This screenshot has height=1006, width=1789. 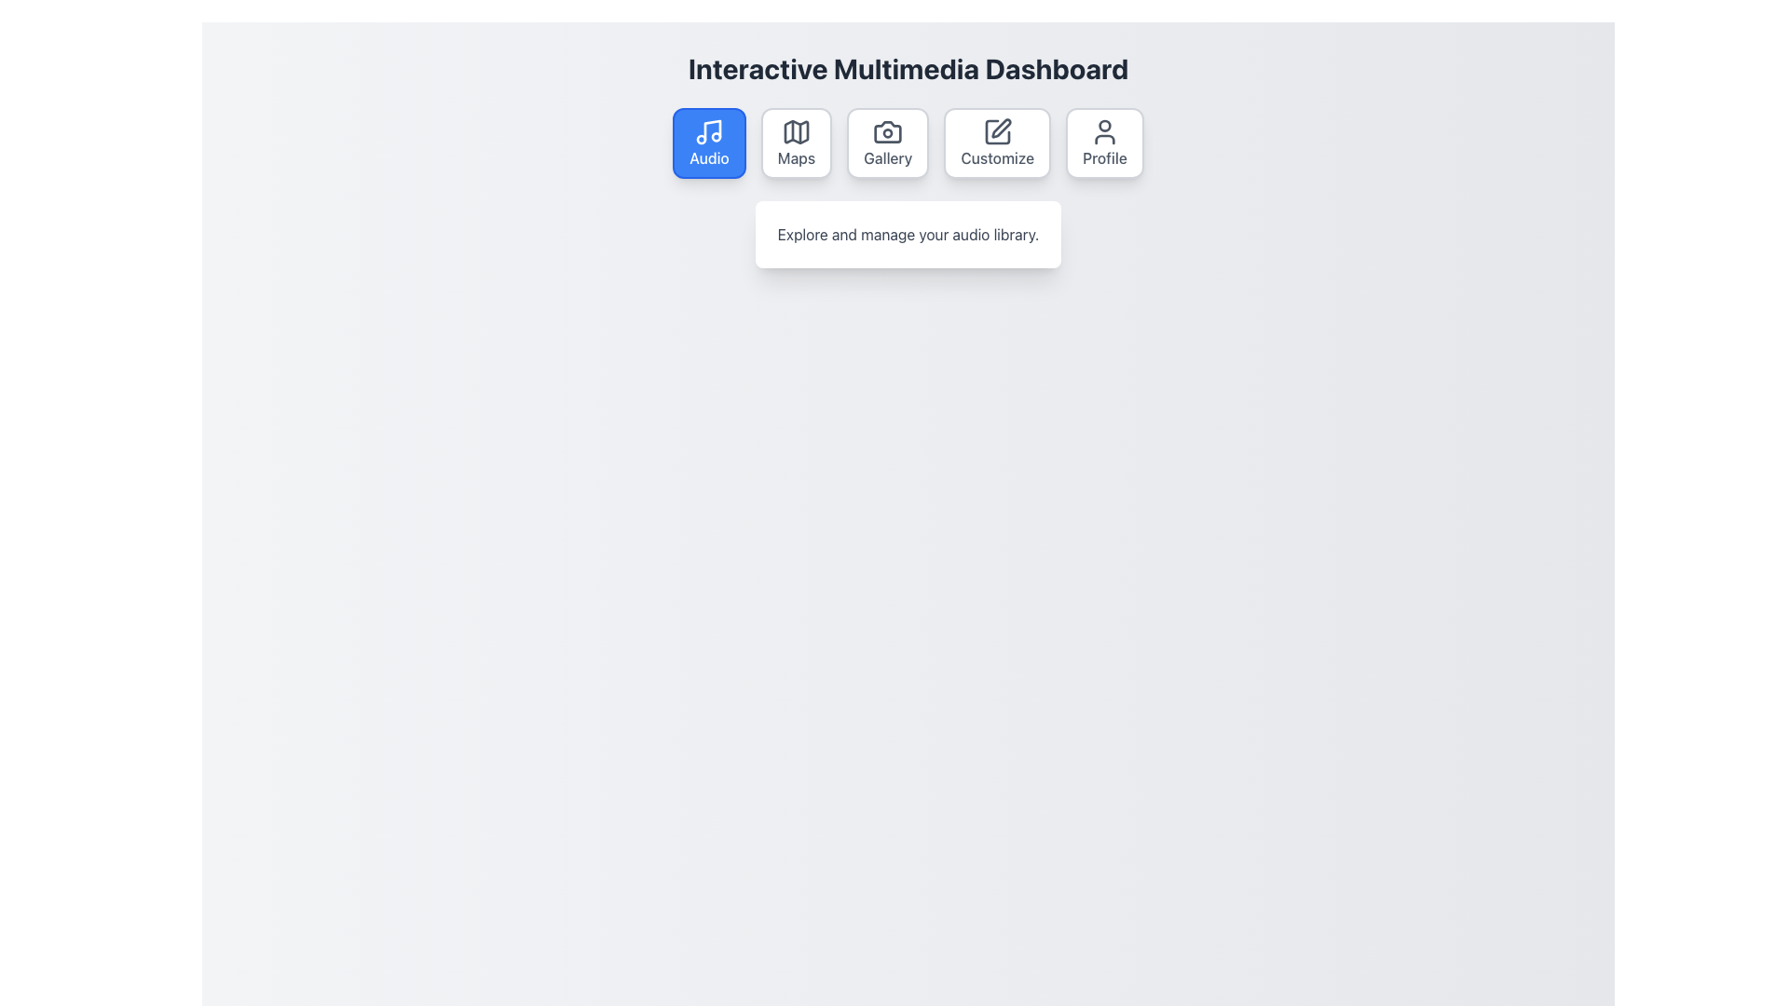 I want to click on the 'Profile' text label located beneath the user avatar icon, which indicates the associated button for the 'Profile' section, so click(x=1104, y=156).